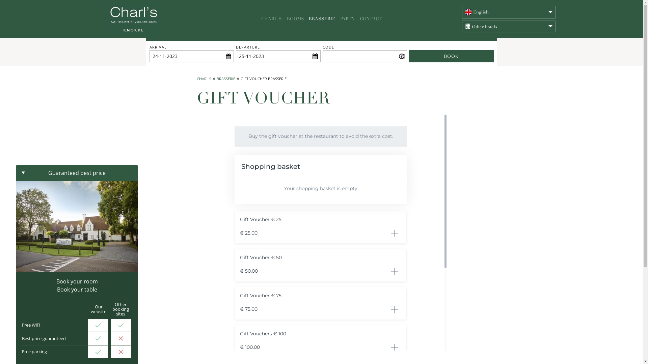  I want to click on 'BRASSERIE', so click(226, 79).